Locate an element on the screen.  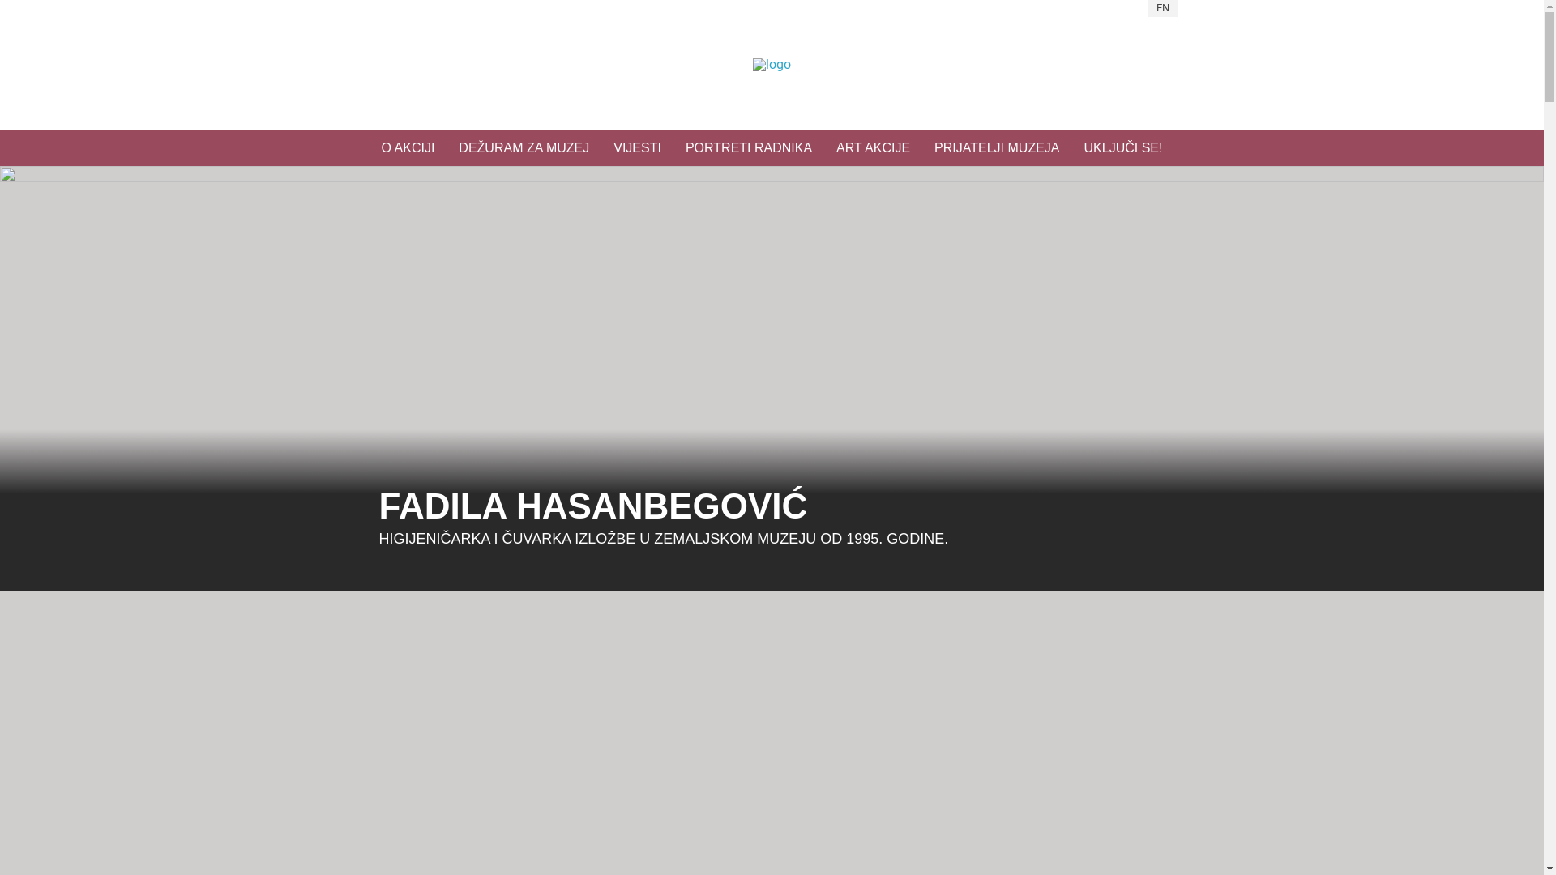
' Home' is located at coordinates (771, 63).